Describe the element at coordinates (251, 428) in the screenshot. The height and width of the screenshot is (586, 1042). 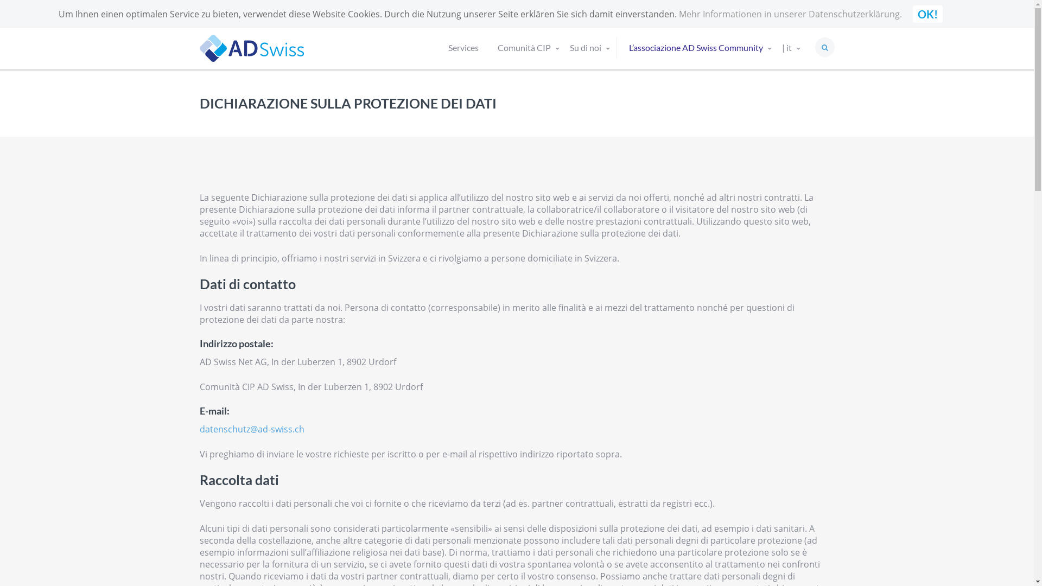
I see `'datenschutz@ad-swiss.ch'` at that location.